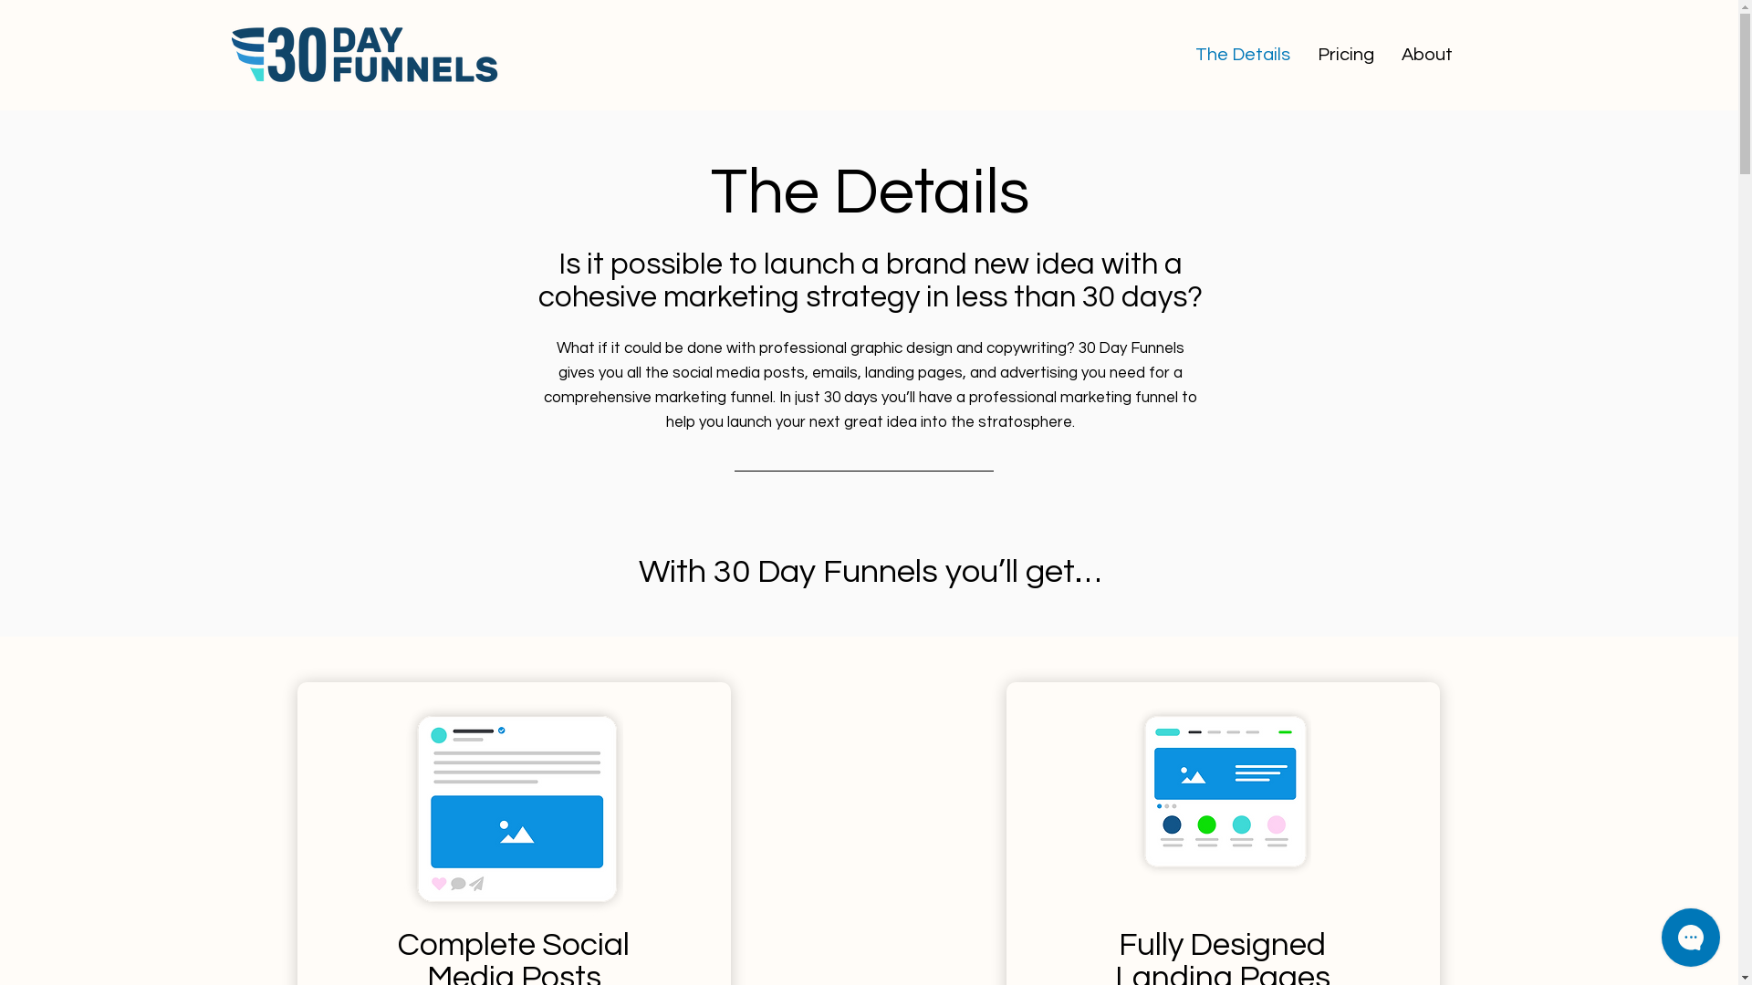 This screenshot has height=985, width=1752. Describe the element at coordinates (1345, 54) in the screenshot. I see `'Pricing'` at that location.